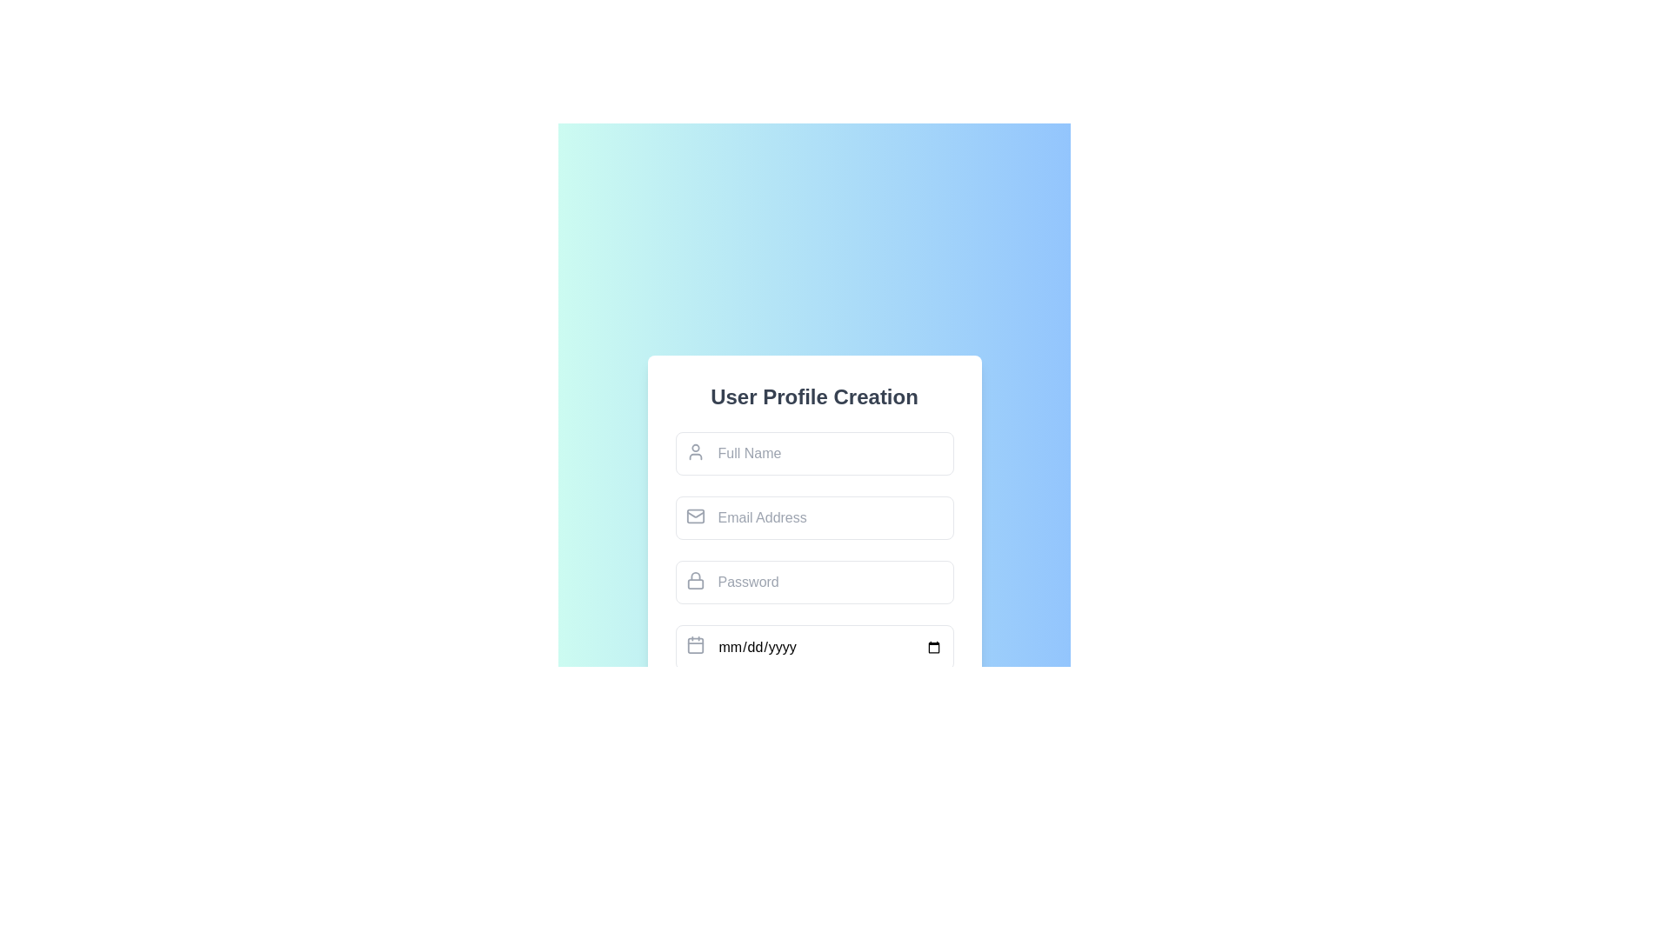 This screenshot has width=1670, height=939. Describe the element at coordinates (694, 516) in the screenshot. I see `the mail icon inside the 'Email Address' input field, which is styled in gray and positioned to the left of the placeholder text` at that location.